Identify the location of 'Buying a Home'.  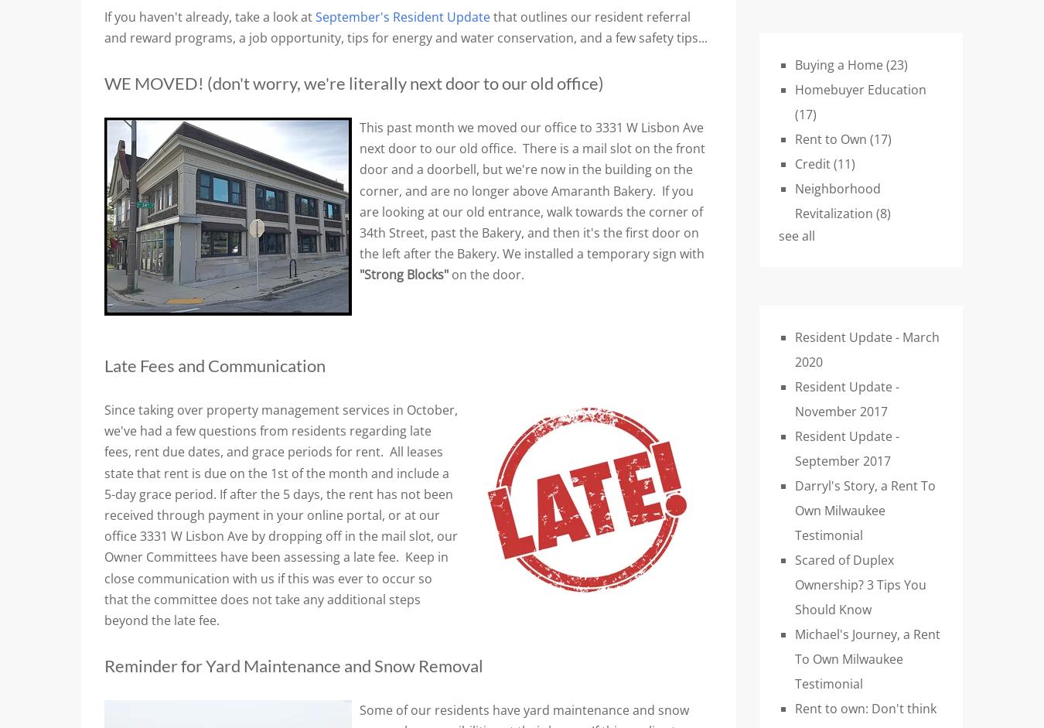
(841, 64).